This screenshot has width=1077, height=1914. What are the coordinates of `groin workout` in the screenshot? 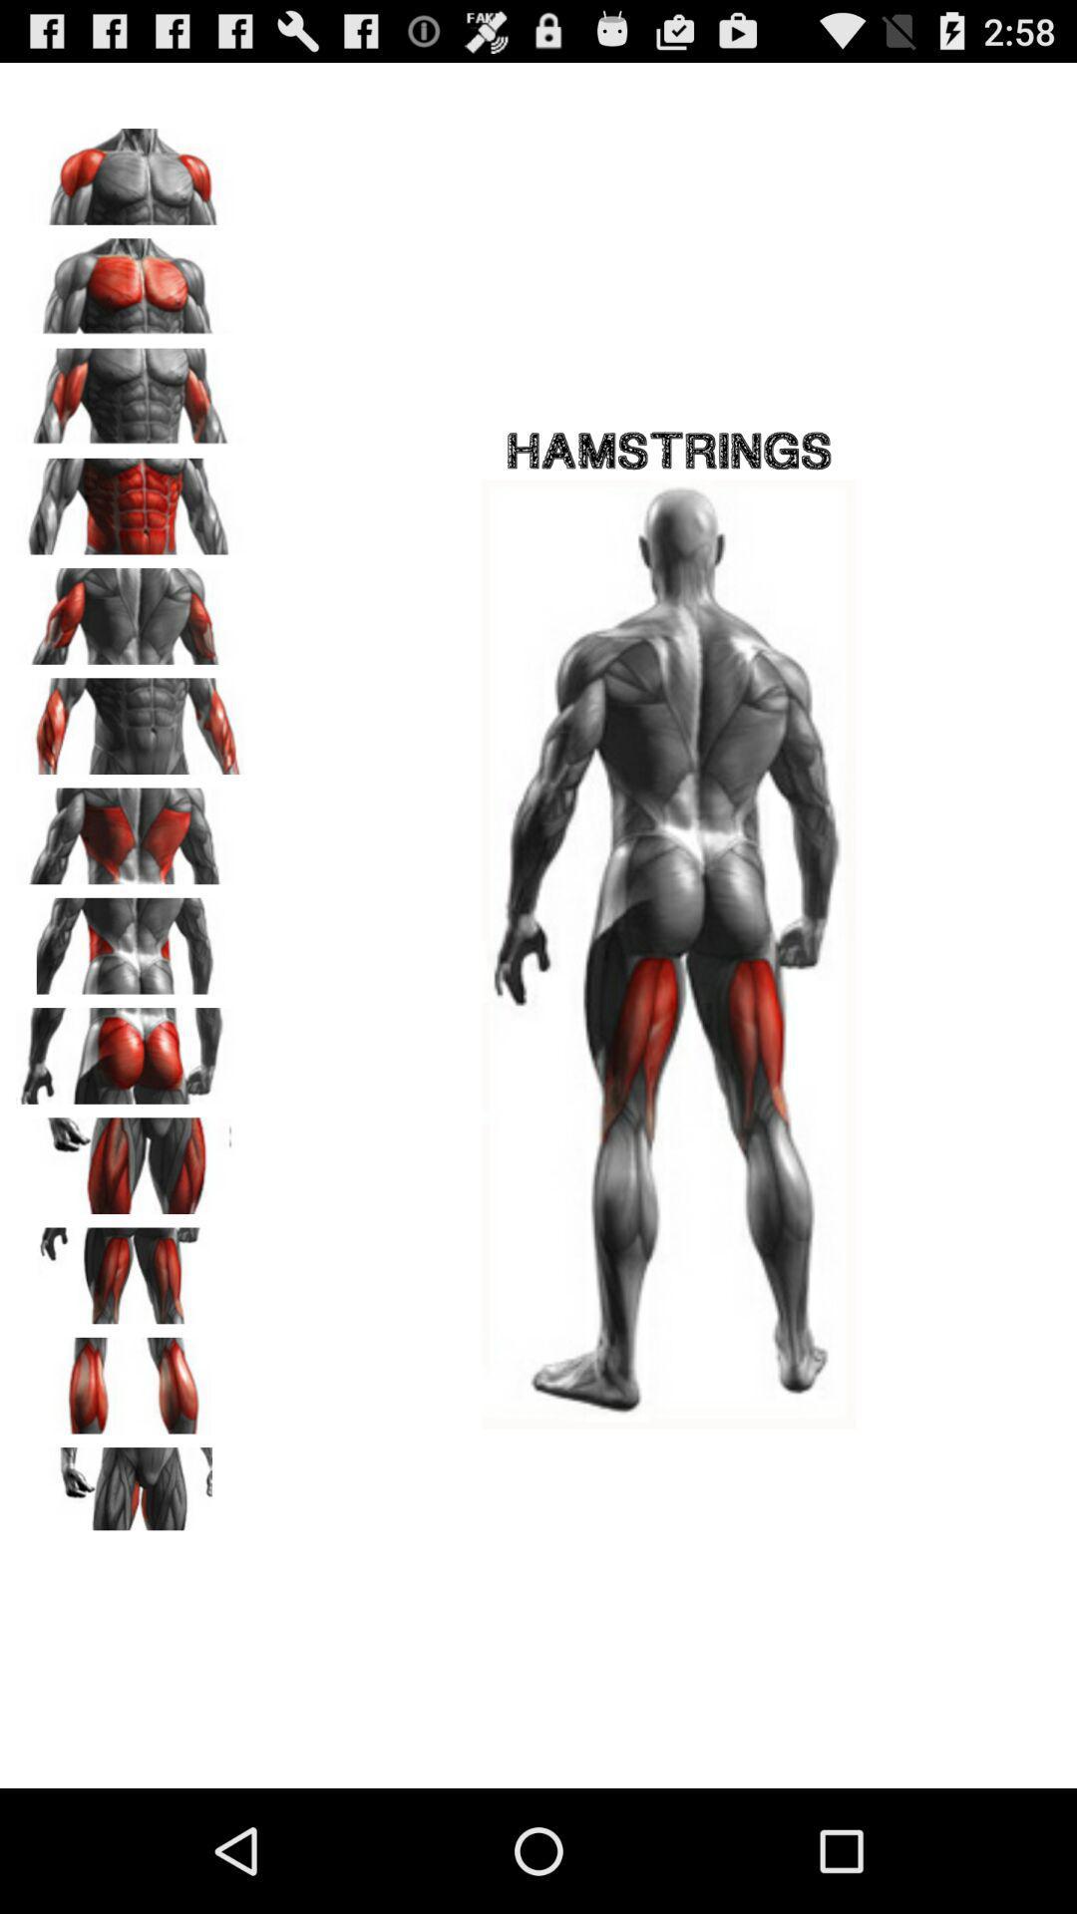 It's located at (131, 1488).